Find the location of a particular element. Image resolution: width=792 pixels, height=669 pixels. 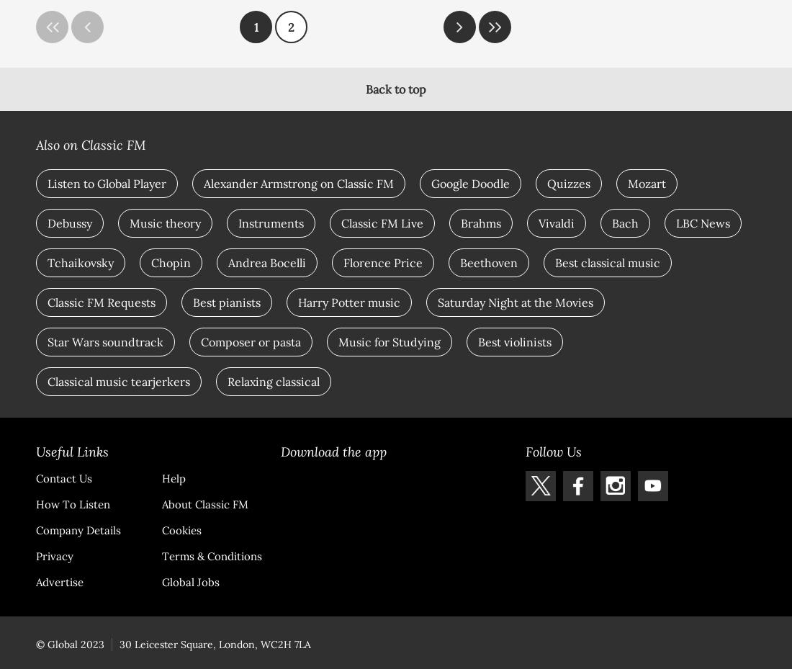

'30 Leicester Square, London, WC2H 7LA' is located at coordinates (118, 643).